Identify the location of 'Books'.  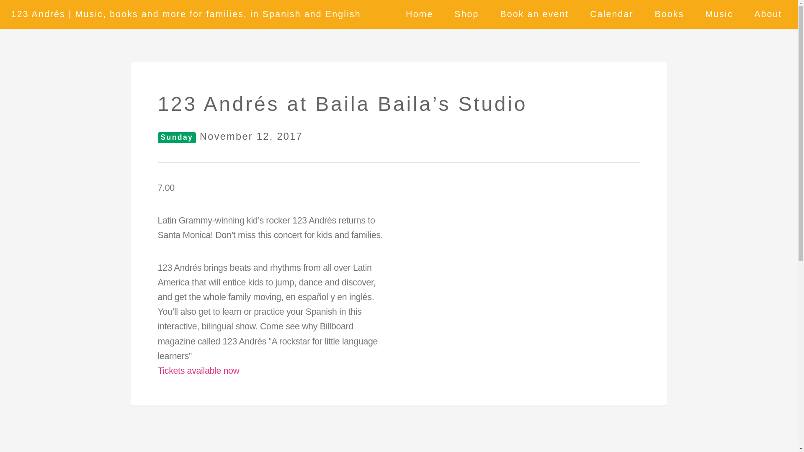
(669, 15).